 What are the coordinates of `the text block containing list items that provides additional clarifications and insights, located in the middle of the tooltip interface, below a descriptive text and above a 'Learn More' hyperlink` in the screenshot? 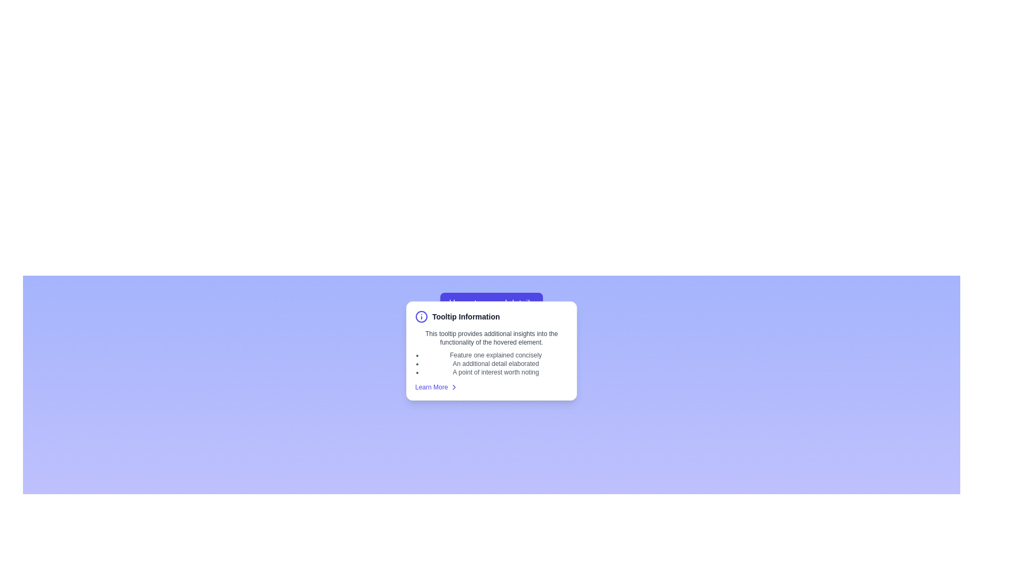 It's located at (495, 363).